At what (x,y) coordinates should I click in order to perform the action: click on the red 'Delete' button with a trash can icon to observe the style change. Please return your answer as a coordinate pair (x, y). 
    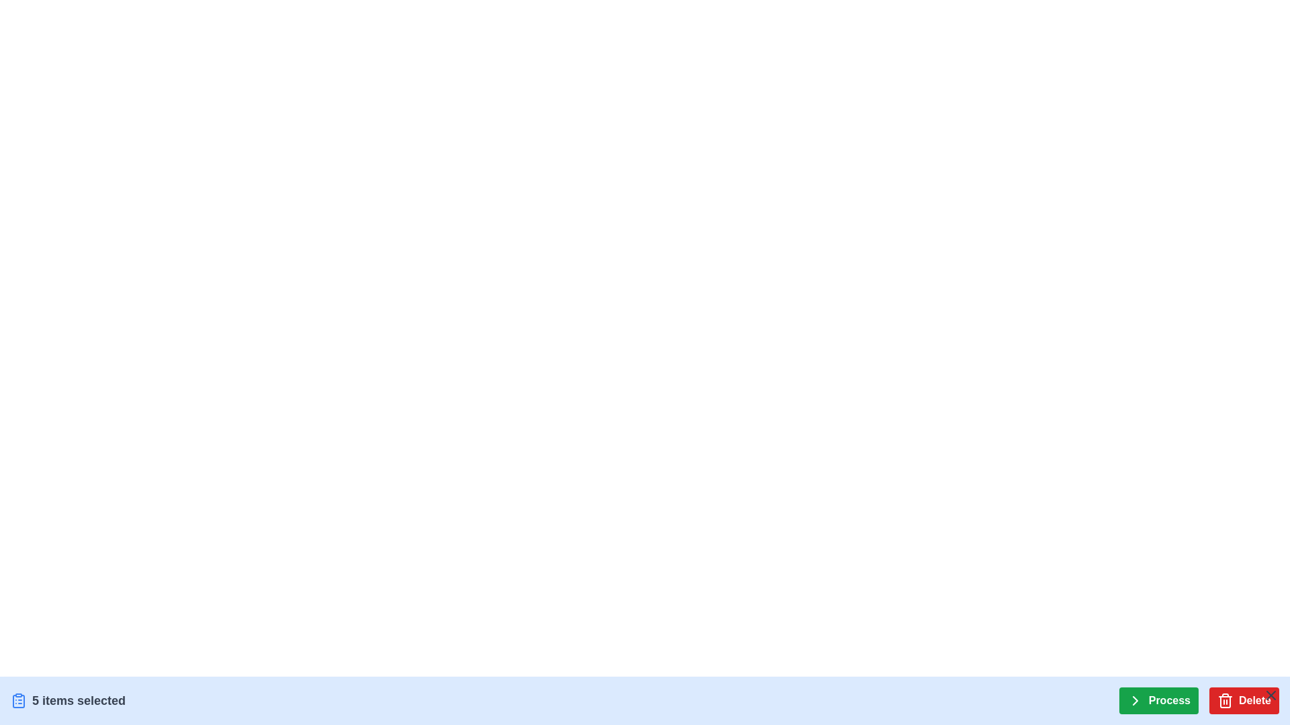
    Looking at the image, I should click on (1244, 700).